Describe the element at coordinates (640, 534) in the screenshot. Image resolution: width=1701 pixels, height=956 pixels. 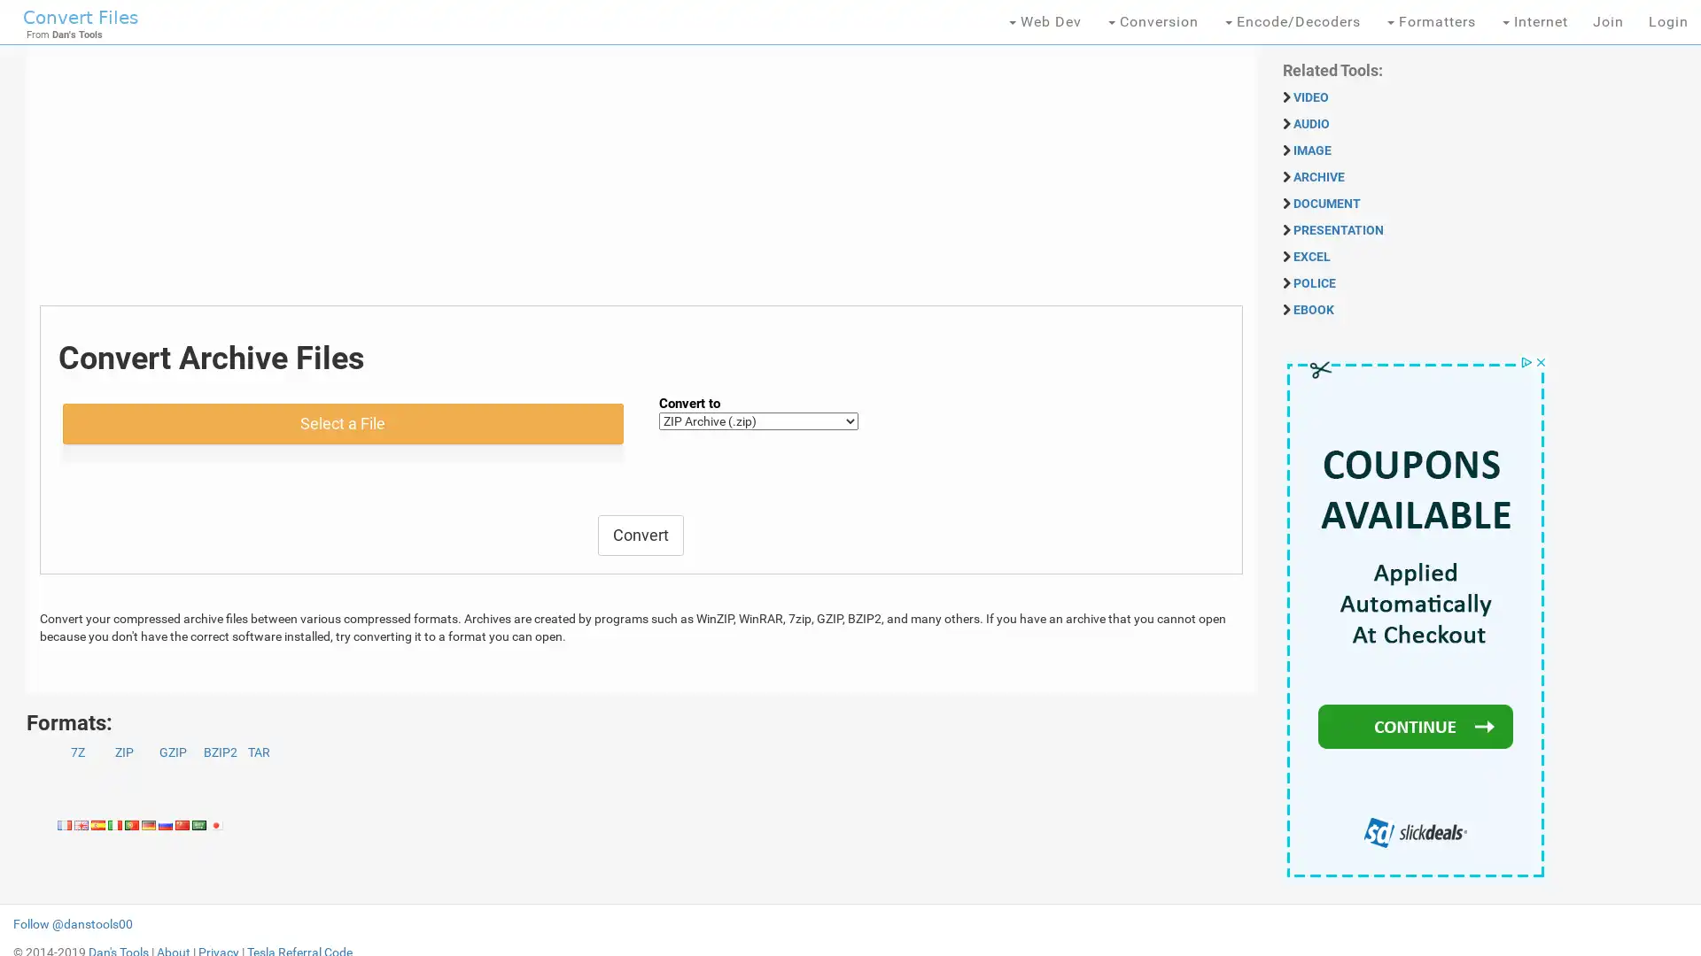
I see `Convert` at that location.